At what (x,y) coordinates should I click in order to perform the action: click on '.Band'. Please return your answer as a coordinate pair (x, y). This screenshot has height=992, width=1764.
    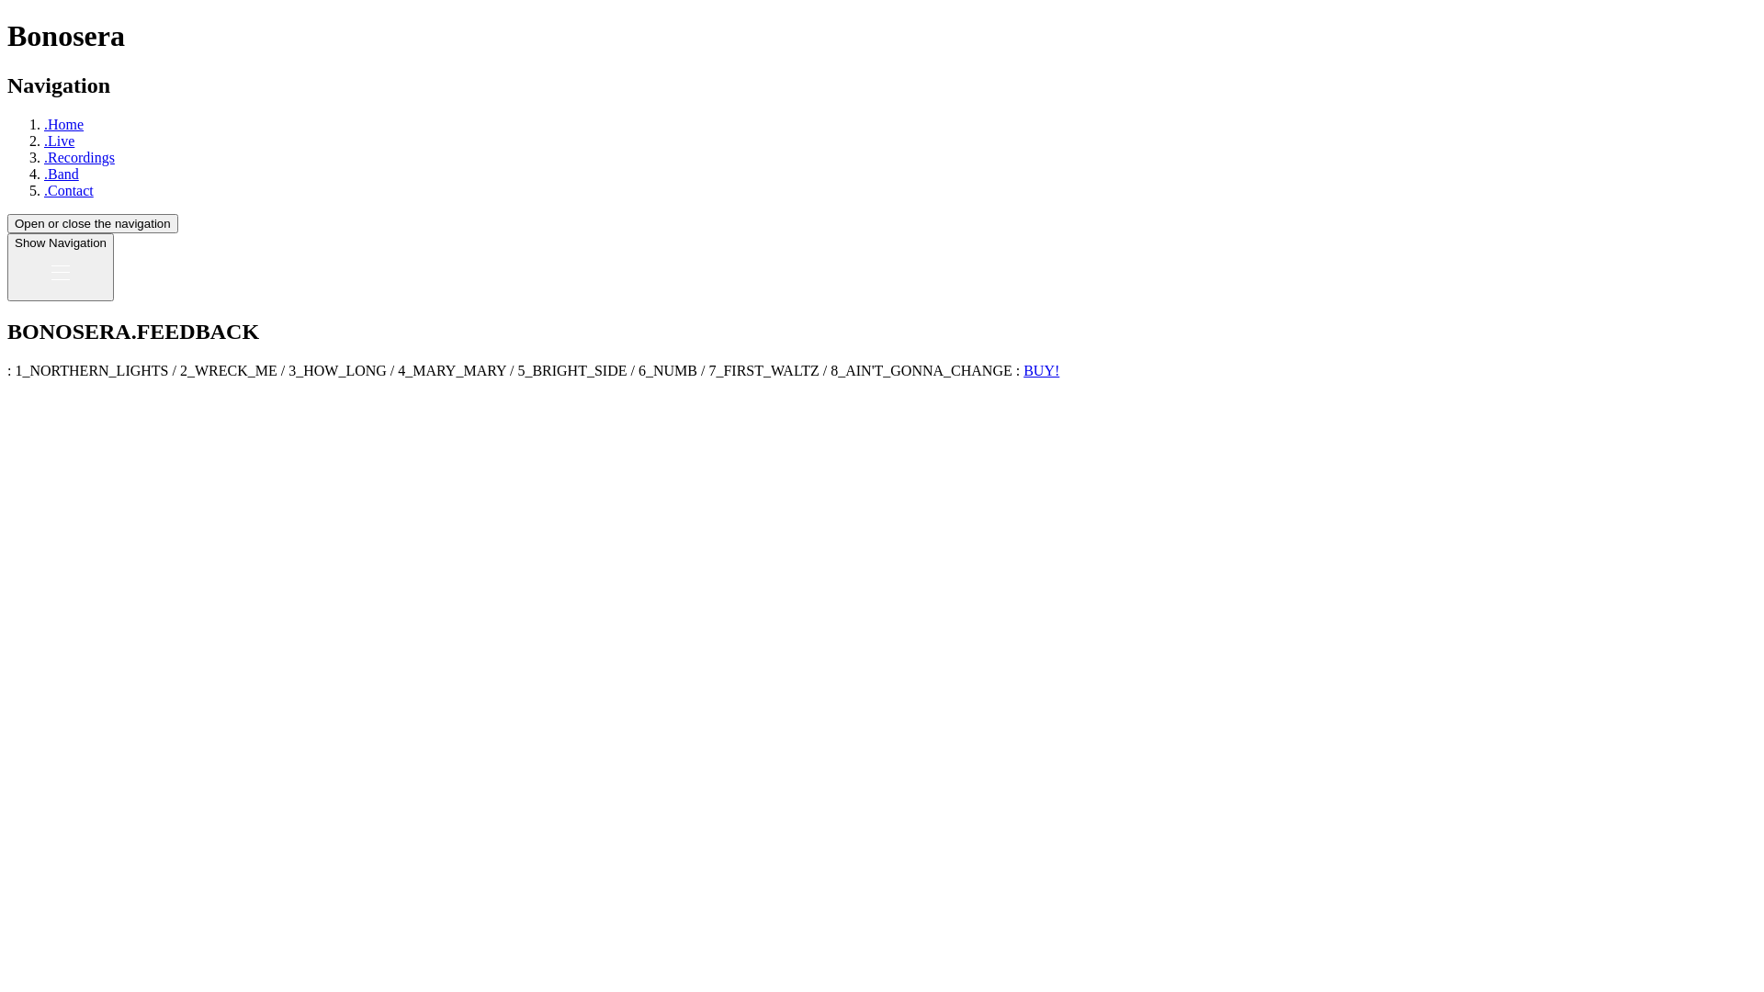
    Looking at the image, I should click on (62, 174).